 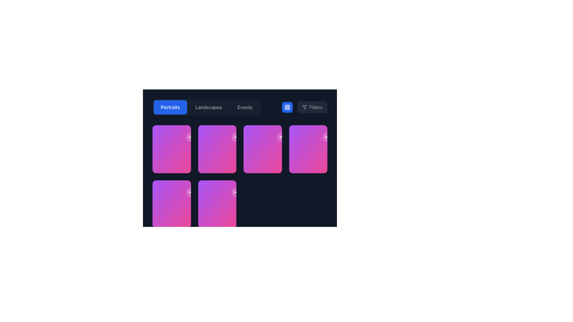 What do you see at coordinates (217, 205) in the screenshot?
I see `the Information display panel with a gradient pinkish-purple background, containing the text strings '1.8k' and '9k', and icons of a red heart and a blue eye, located in the bottom section of the 'Natural Light' and 'Studio' card` at bounding box center [217, 205].